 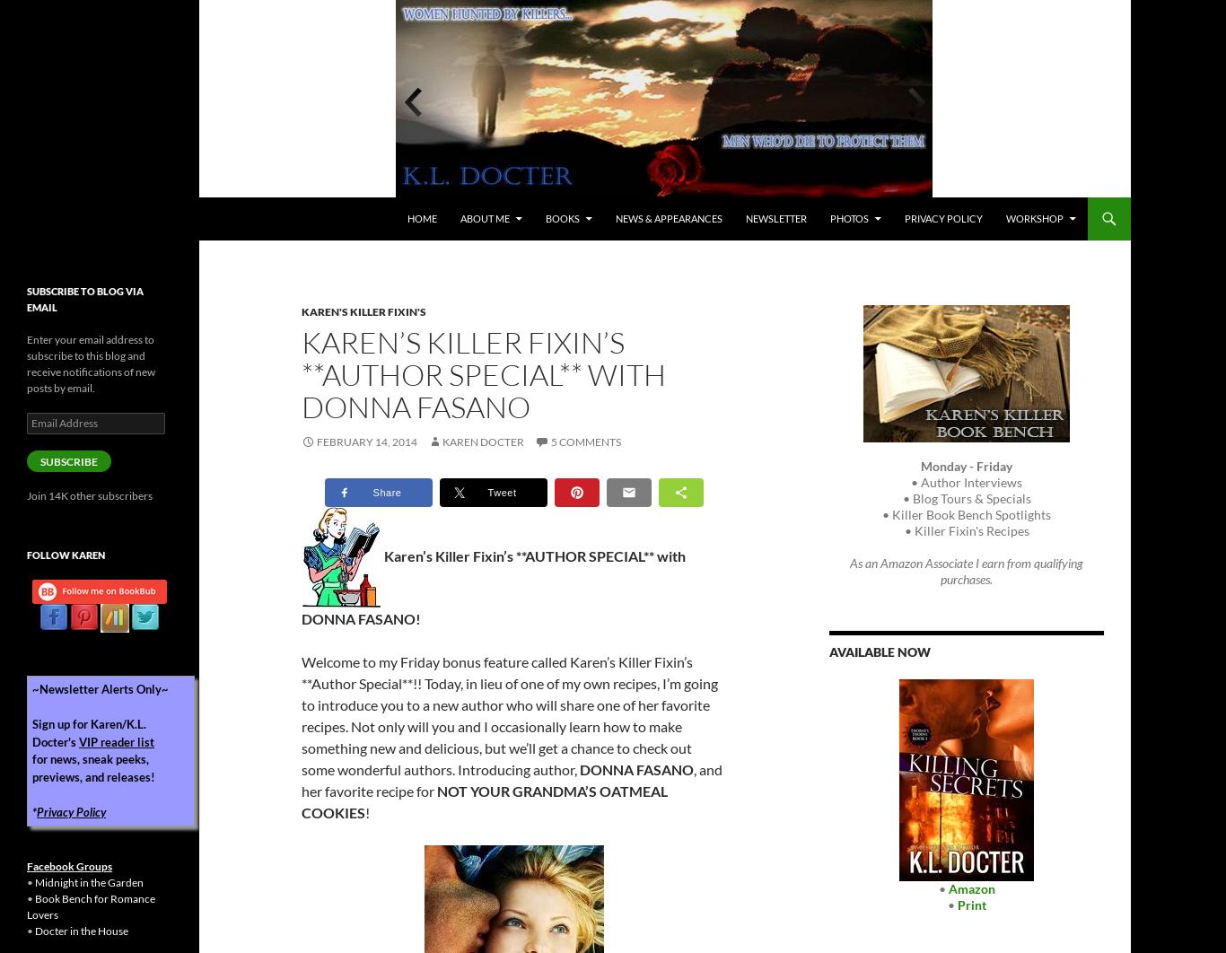 I want to click on 'About Me', so click(x=485, y=218).